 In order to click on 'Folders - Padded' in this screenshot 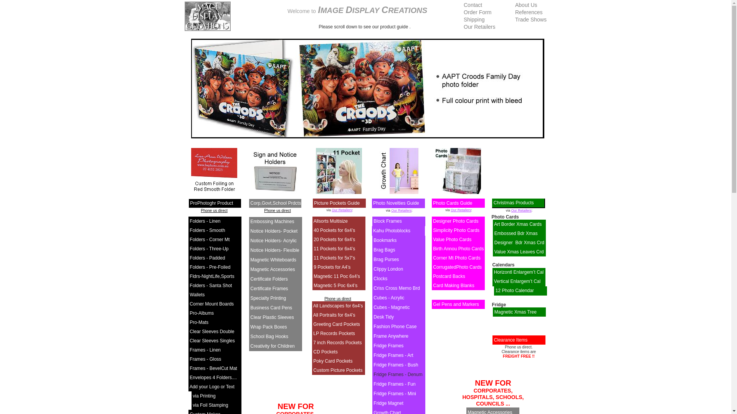, I will do `click(207, 258)`.